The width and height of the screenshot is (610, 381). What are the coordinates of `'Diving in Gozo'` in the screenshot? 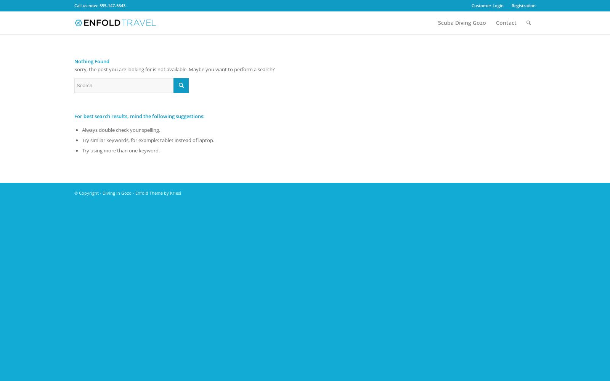 It's located at (102, 192).